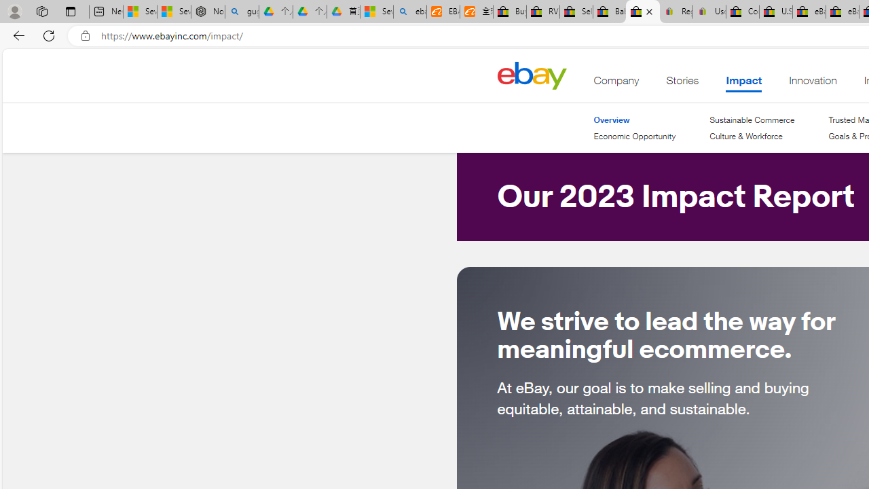  What do you see at coordinates (642, 12) in the screenshot?
I see `'eBay Impact - eBay Inc.'` at bounding box center [642, 12].